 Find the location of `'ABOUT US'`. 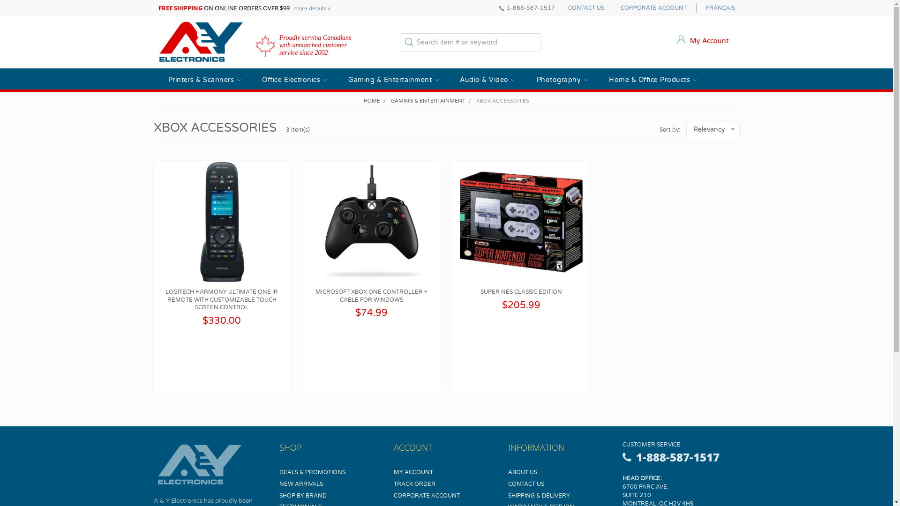

'ABOUT US' is located at coordinates (522, 472).